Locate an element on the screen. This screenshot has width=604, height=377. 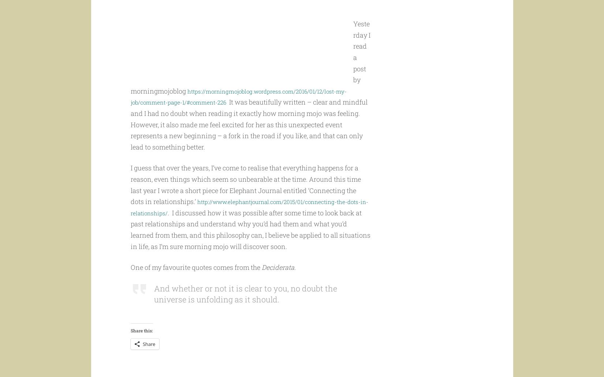
'Yesterday I read a post by morningmojoblog' is located at coordinates (250, 71).